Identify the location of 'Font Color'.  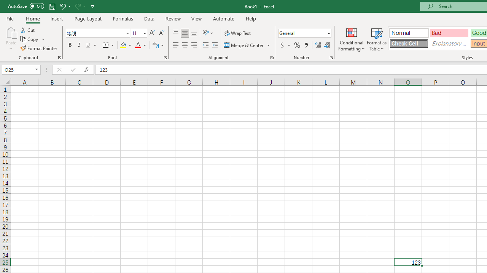
(141, 45).